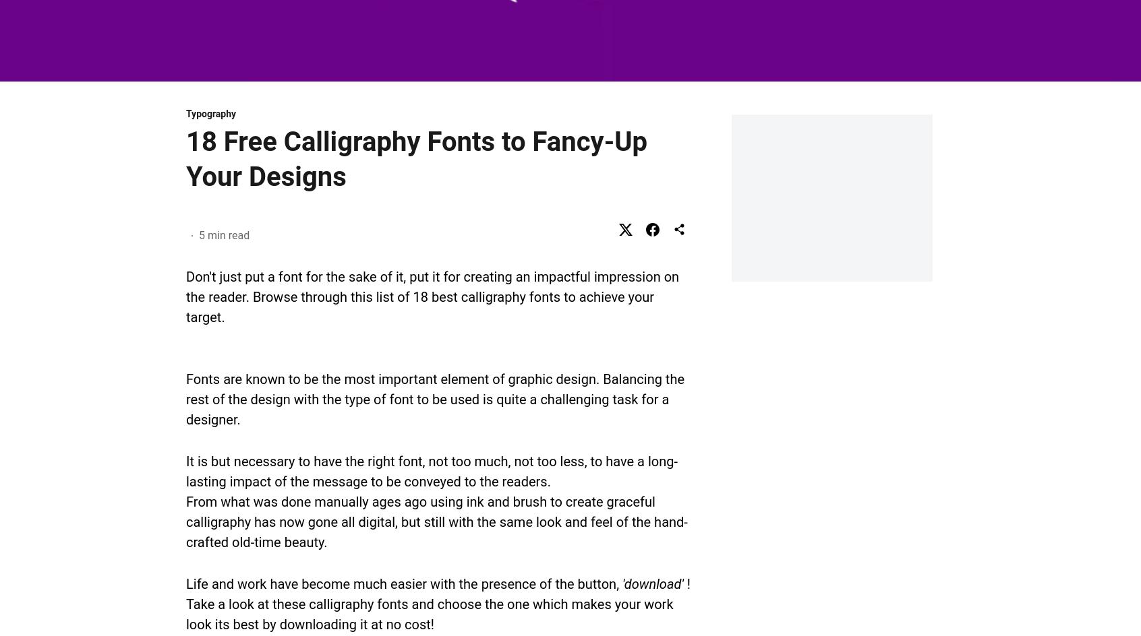 The image size is (1141, 636). I want to click on 'Life and work have become much easier with the presence of the button,', so click(403, 583).